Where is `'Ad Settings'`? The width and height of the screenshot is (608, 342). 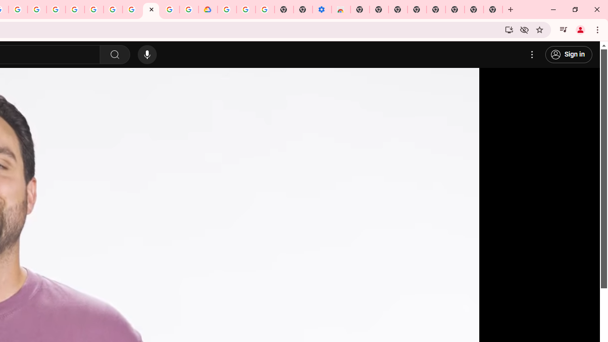 'Ad Settings' is located at coordinates (56, 9).